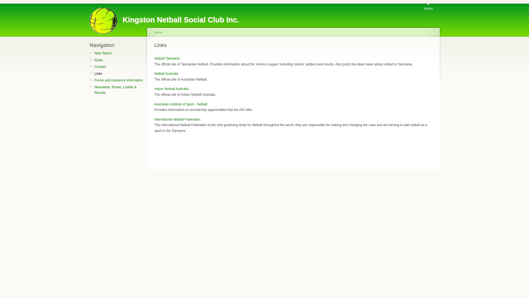 Image resolution: width=529 pixels, height=298 pixels. What do you see at coordinates (424, 7) in the screenshot?
I see `'Home'` at bounding box center [424, 7].